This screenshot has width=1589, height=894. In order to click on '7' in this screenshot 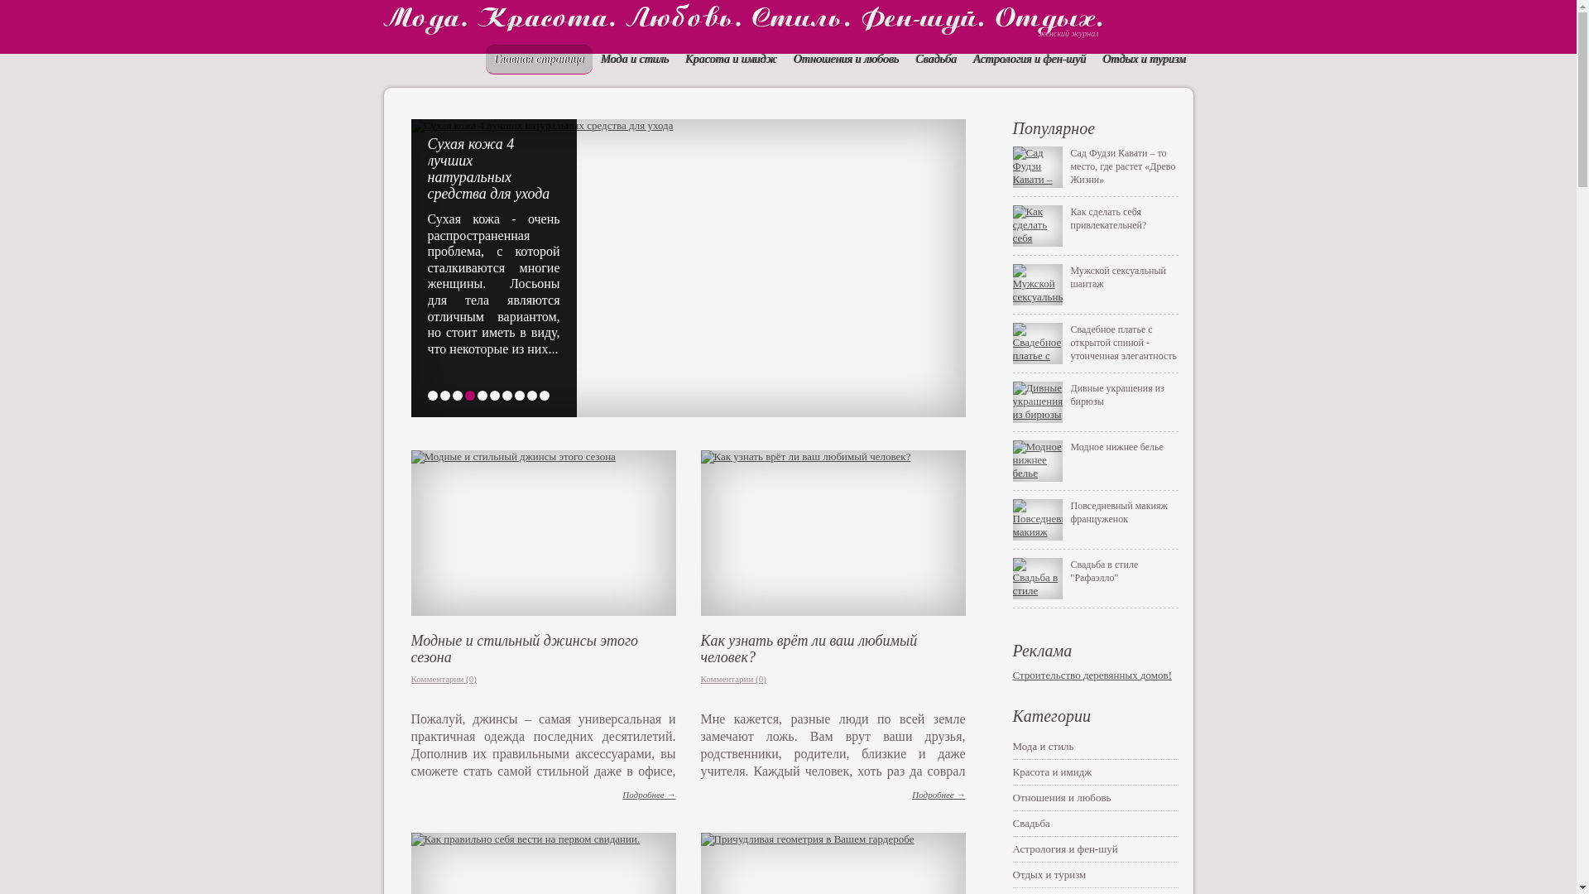, I will do `click(505, 396)`.